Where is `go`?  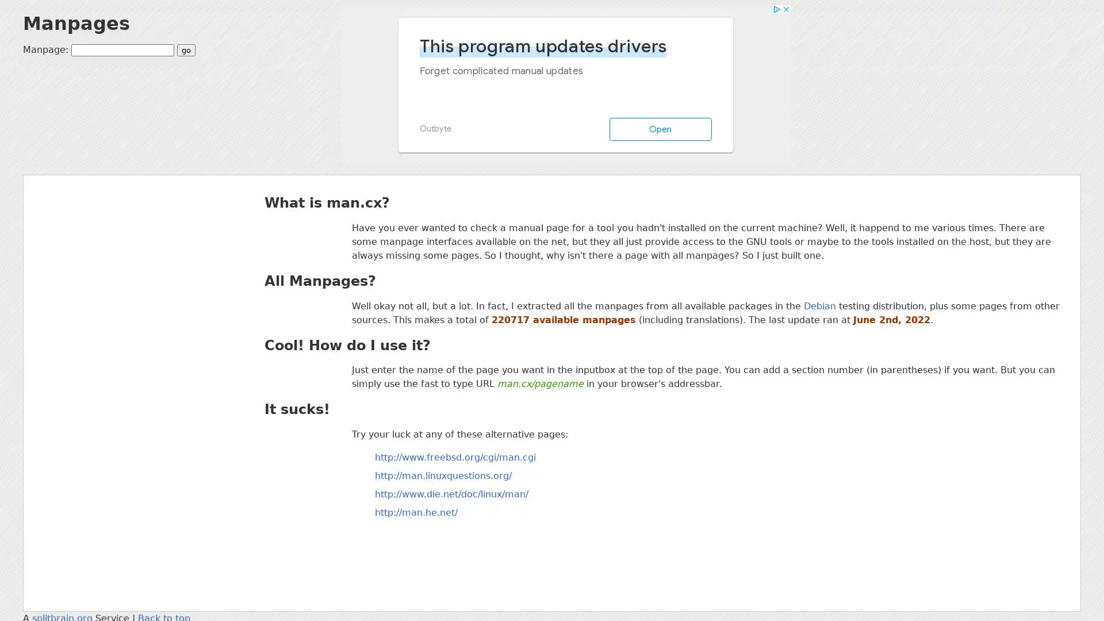 go is located at coordinates (186, 49).